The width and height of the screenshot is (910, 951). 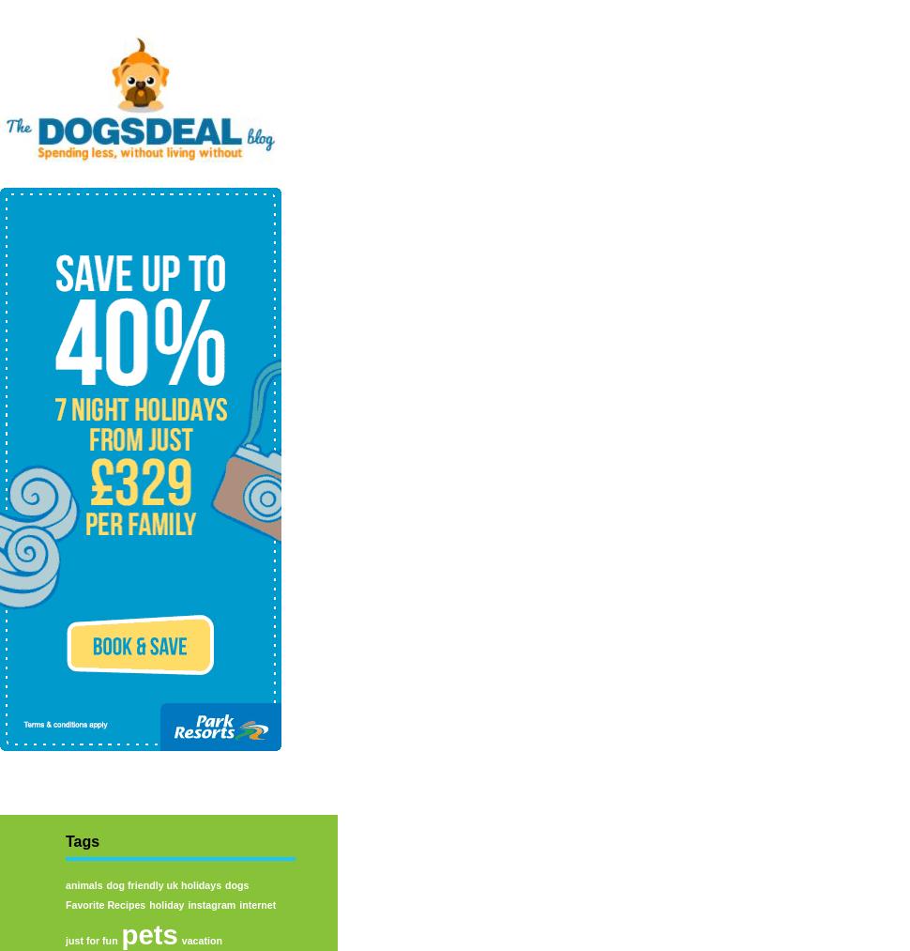 I want to click on 'pets', so click(x=121, y=933).